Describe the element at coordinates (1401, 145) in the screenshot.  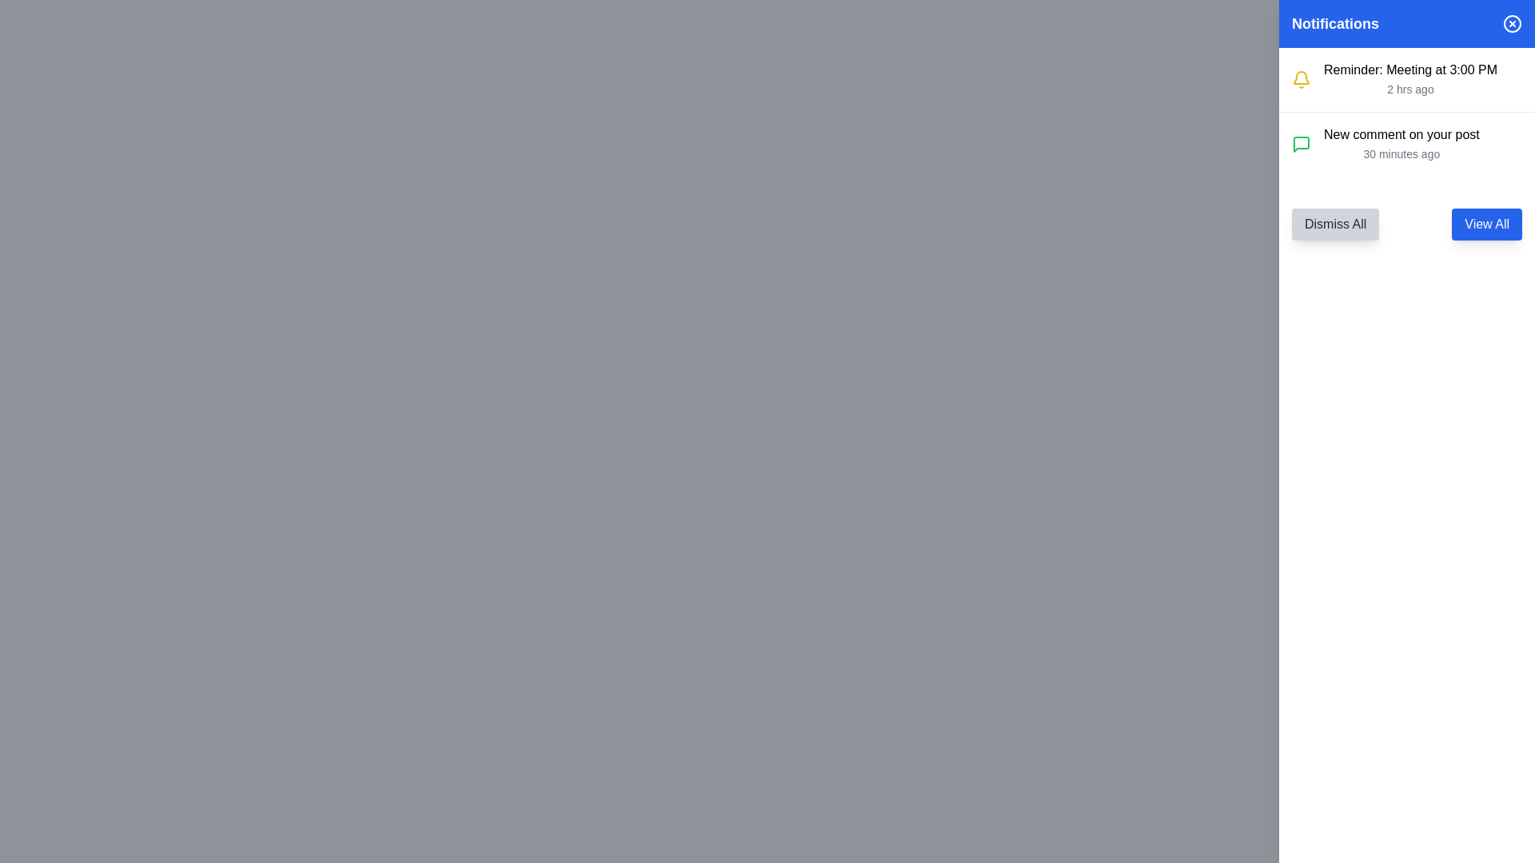
I see `notification that states 'New comment on your post' with the timestamp '30 minutes ago', which is the second item in the vertical notification list and is visually distinguished by a green speech bubble icon` at that location.